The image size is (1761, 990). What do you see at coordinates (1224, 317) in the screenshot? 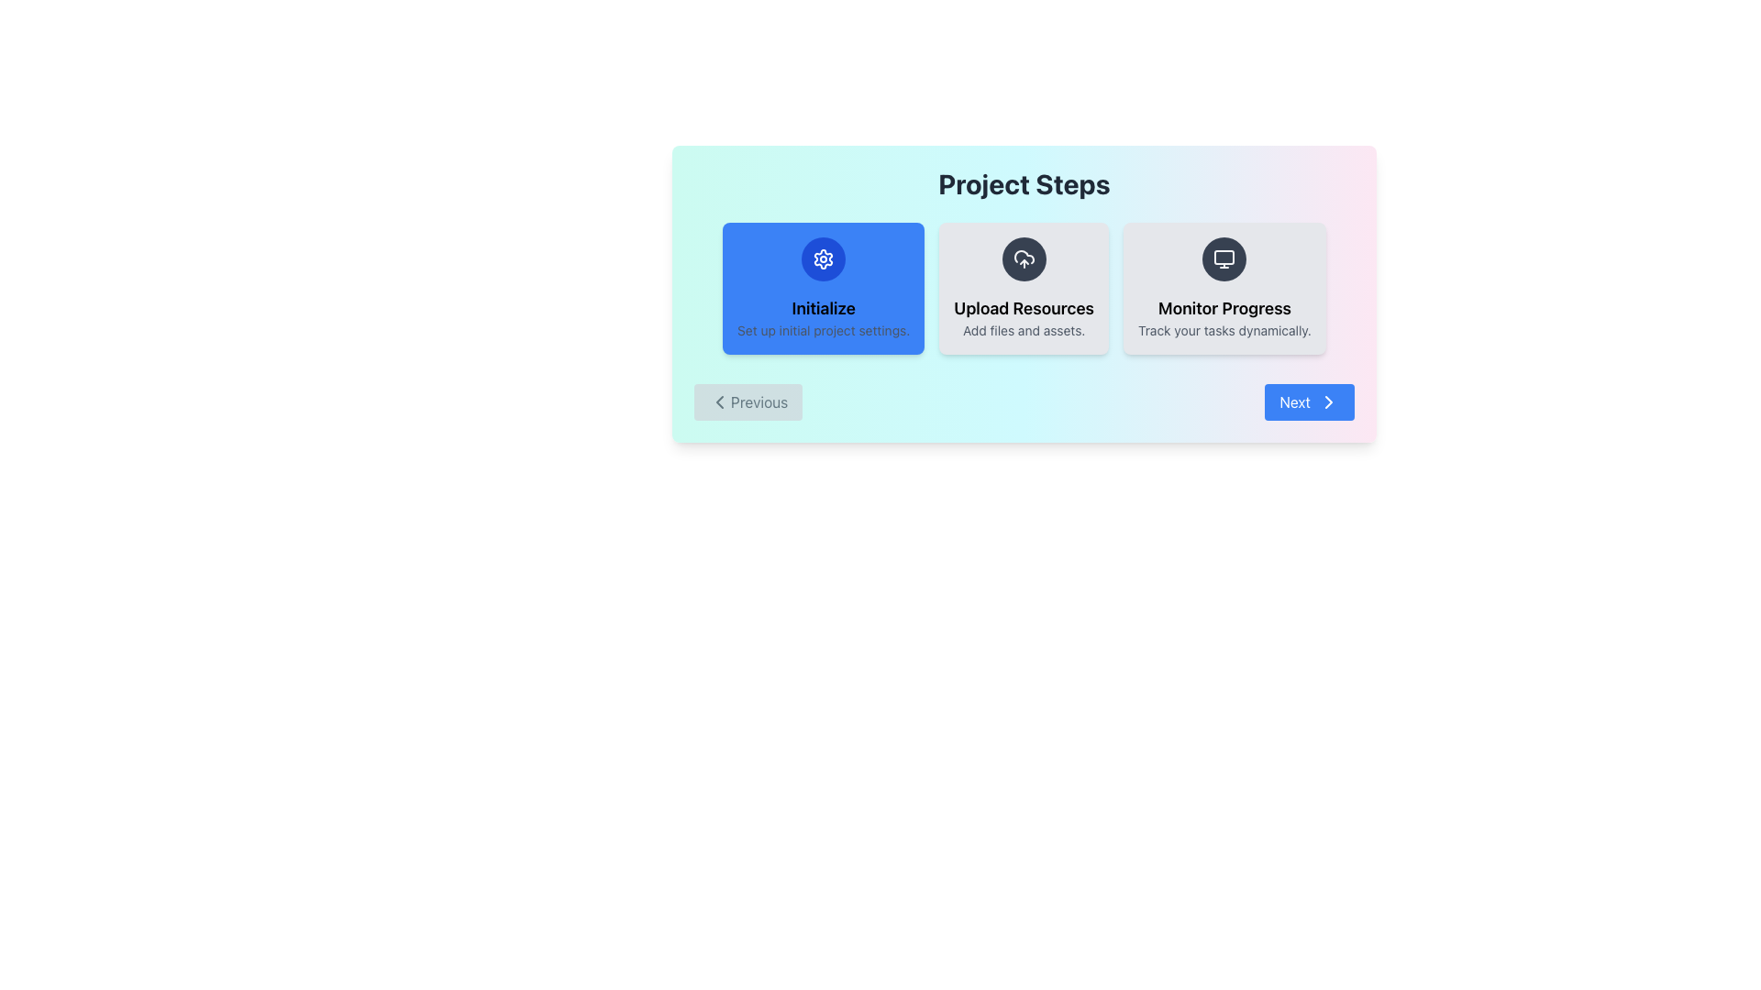
I see `text block titled 'Monitor Progress' which contains the description 'Track your tasks dynamically' located in the third card of the 'Project Steps' section` at bounding box center [1224, 317].